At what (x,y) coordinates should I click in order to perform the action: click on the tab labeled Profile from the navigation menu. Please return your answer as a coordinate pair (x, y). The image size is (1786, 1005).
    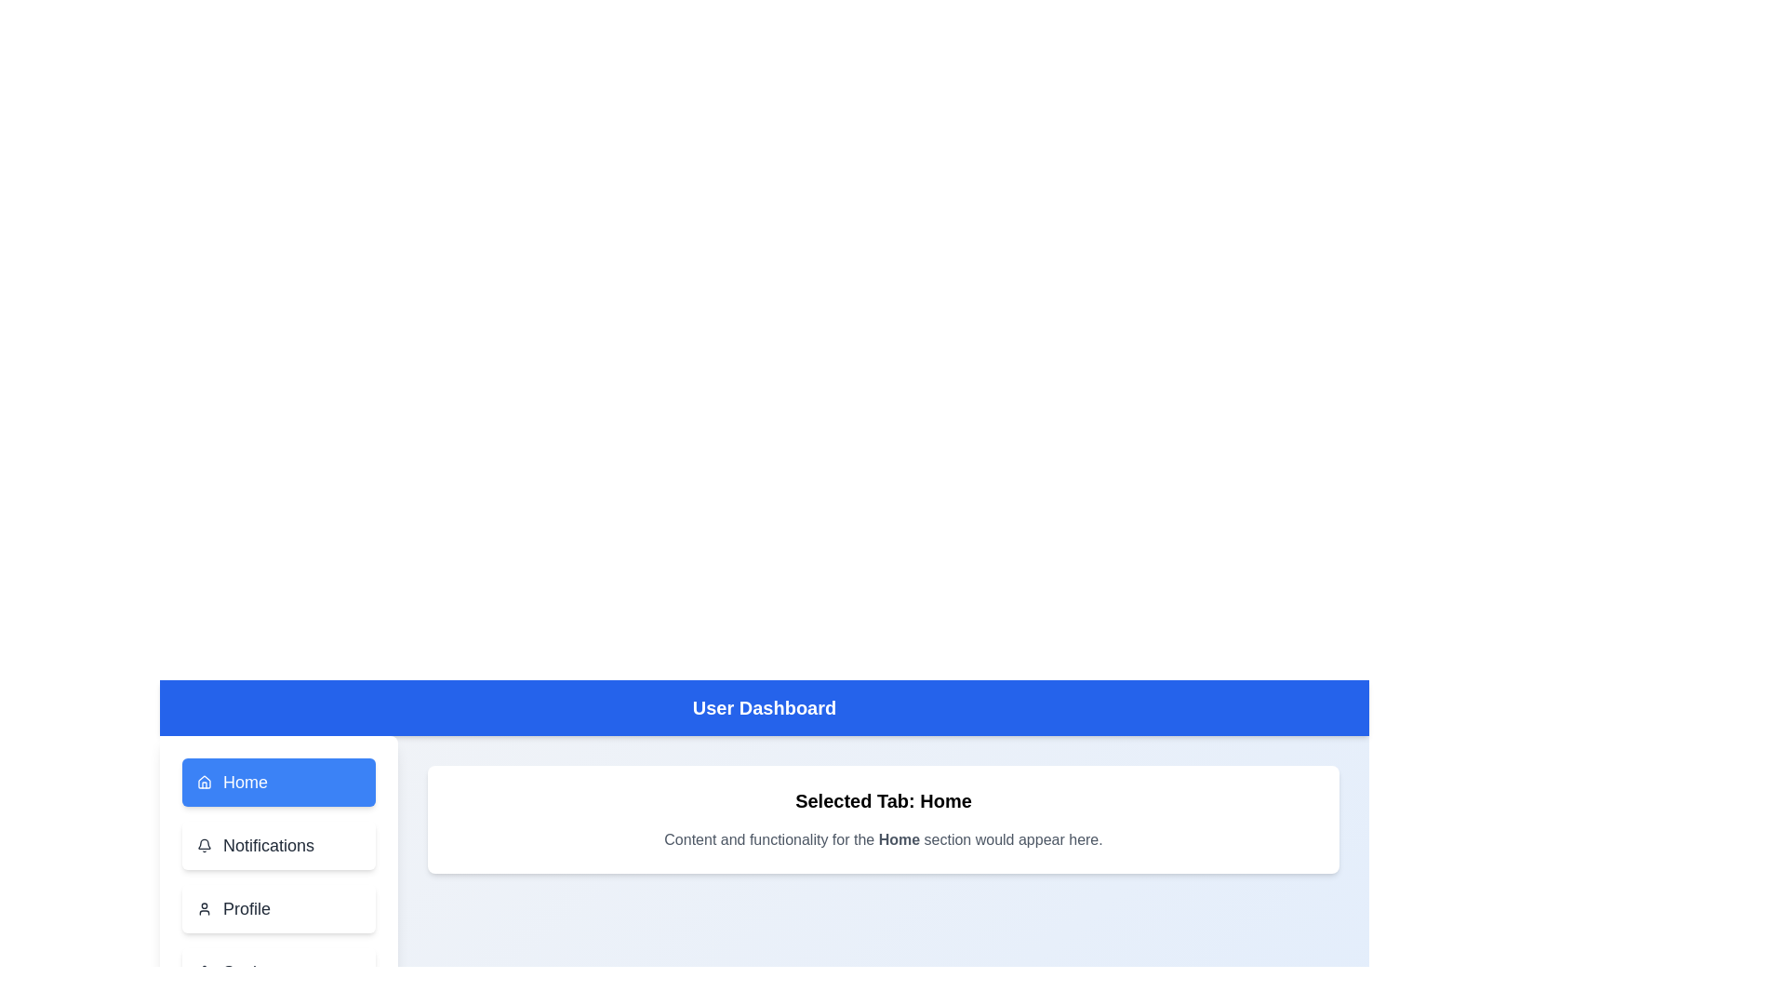
    Looking at the image, I should click on (277, 907).